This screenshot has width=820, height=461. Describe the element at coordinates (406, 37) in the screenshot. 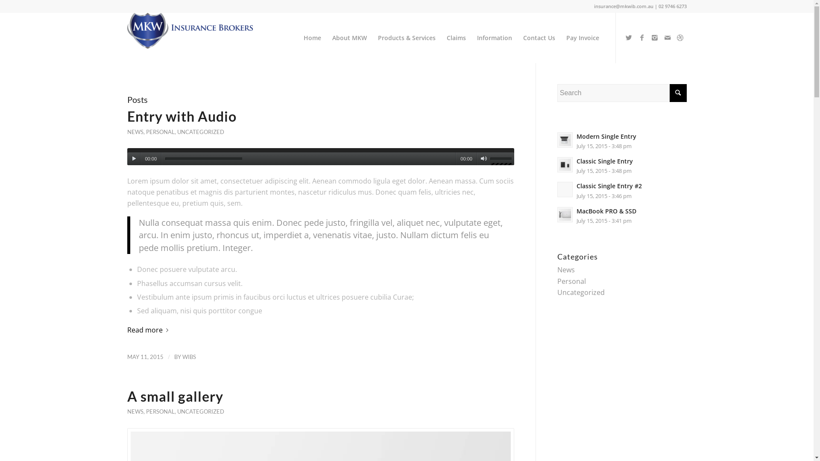

I see `'Products & Services'` at that location.